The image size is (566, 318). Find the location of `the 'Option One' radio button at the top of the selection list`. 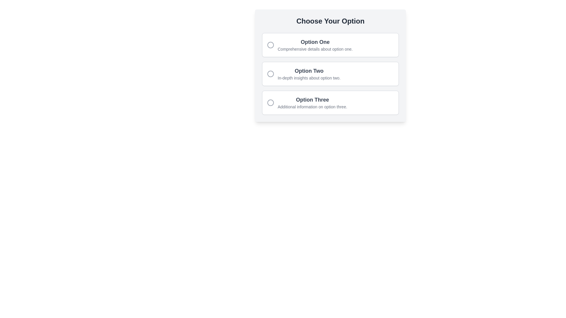

the 'Option One' radio button at the top of the selection list is located at coordinates (330, 45).